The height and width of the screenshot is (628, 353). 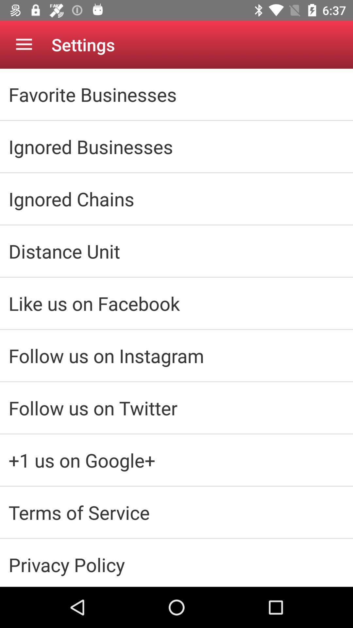 I want to click on the icon to the left of the settings, so click(x=24, y=44).